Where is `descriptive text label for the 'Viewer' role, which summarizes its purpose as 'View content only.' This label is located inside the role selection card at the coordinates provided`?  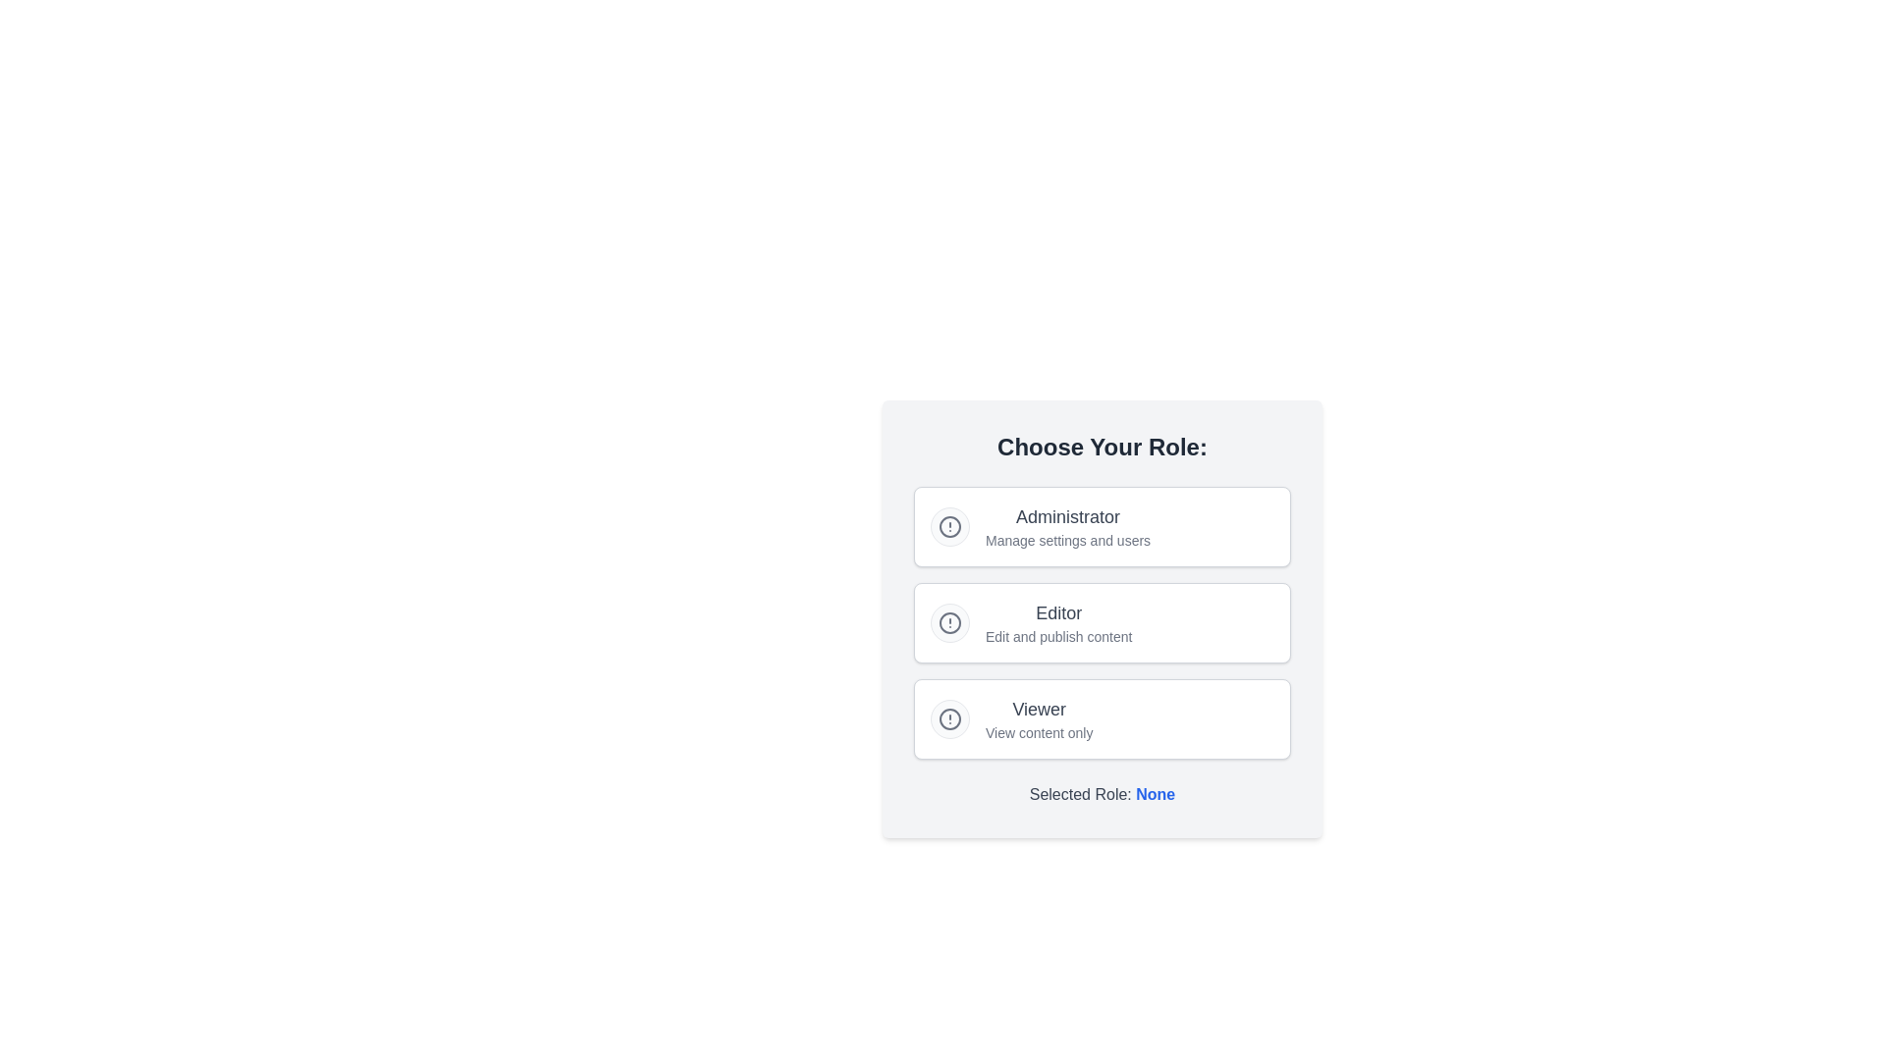
descriptive text label for the 'Viewer' role, which summarizes its purpose as 'View content only.' This label is located inside the role selection card at the coordinates provided is located at coordinates (1038, 718).